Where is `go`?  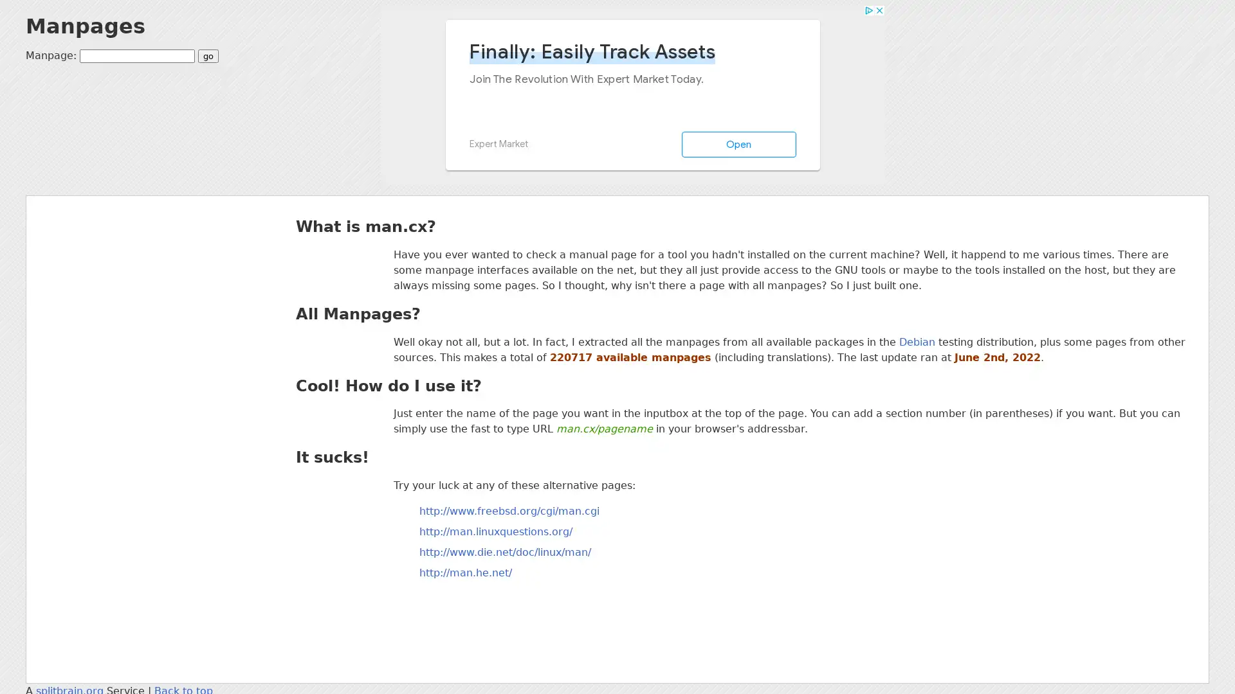
go is located at coordinates (208, 55).